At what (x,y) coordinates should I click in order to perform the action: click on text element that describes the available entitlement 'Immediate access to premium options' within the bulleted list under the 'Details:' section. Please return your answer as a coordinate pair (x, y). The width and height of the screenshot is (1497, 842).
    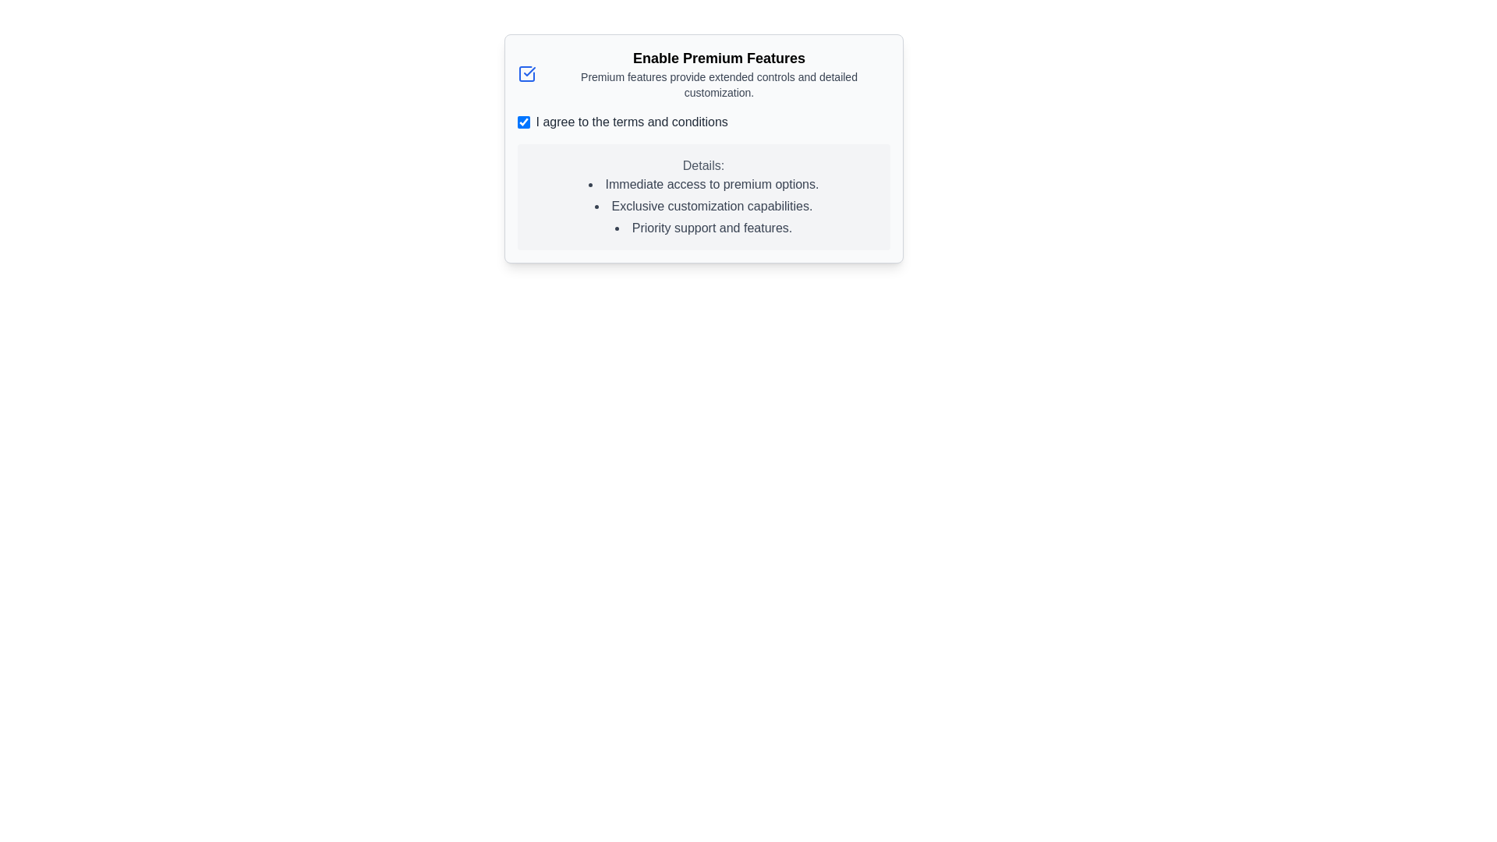
    Looking at the image, I should click on (702, 183).